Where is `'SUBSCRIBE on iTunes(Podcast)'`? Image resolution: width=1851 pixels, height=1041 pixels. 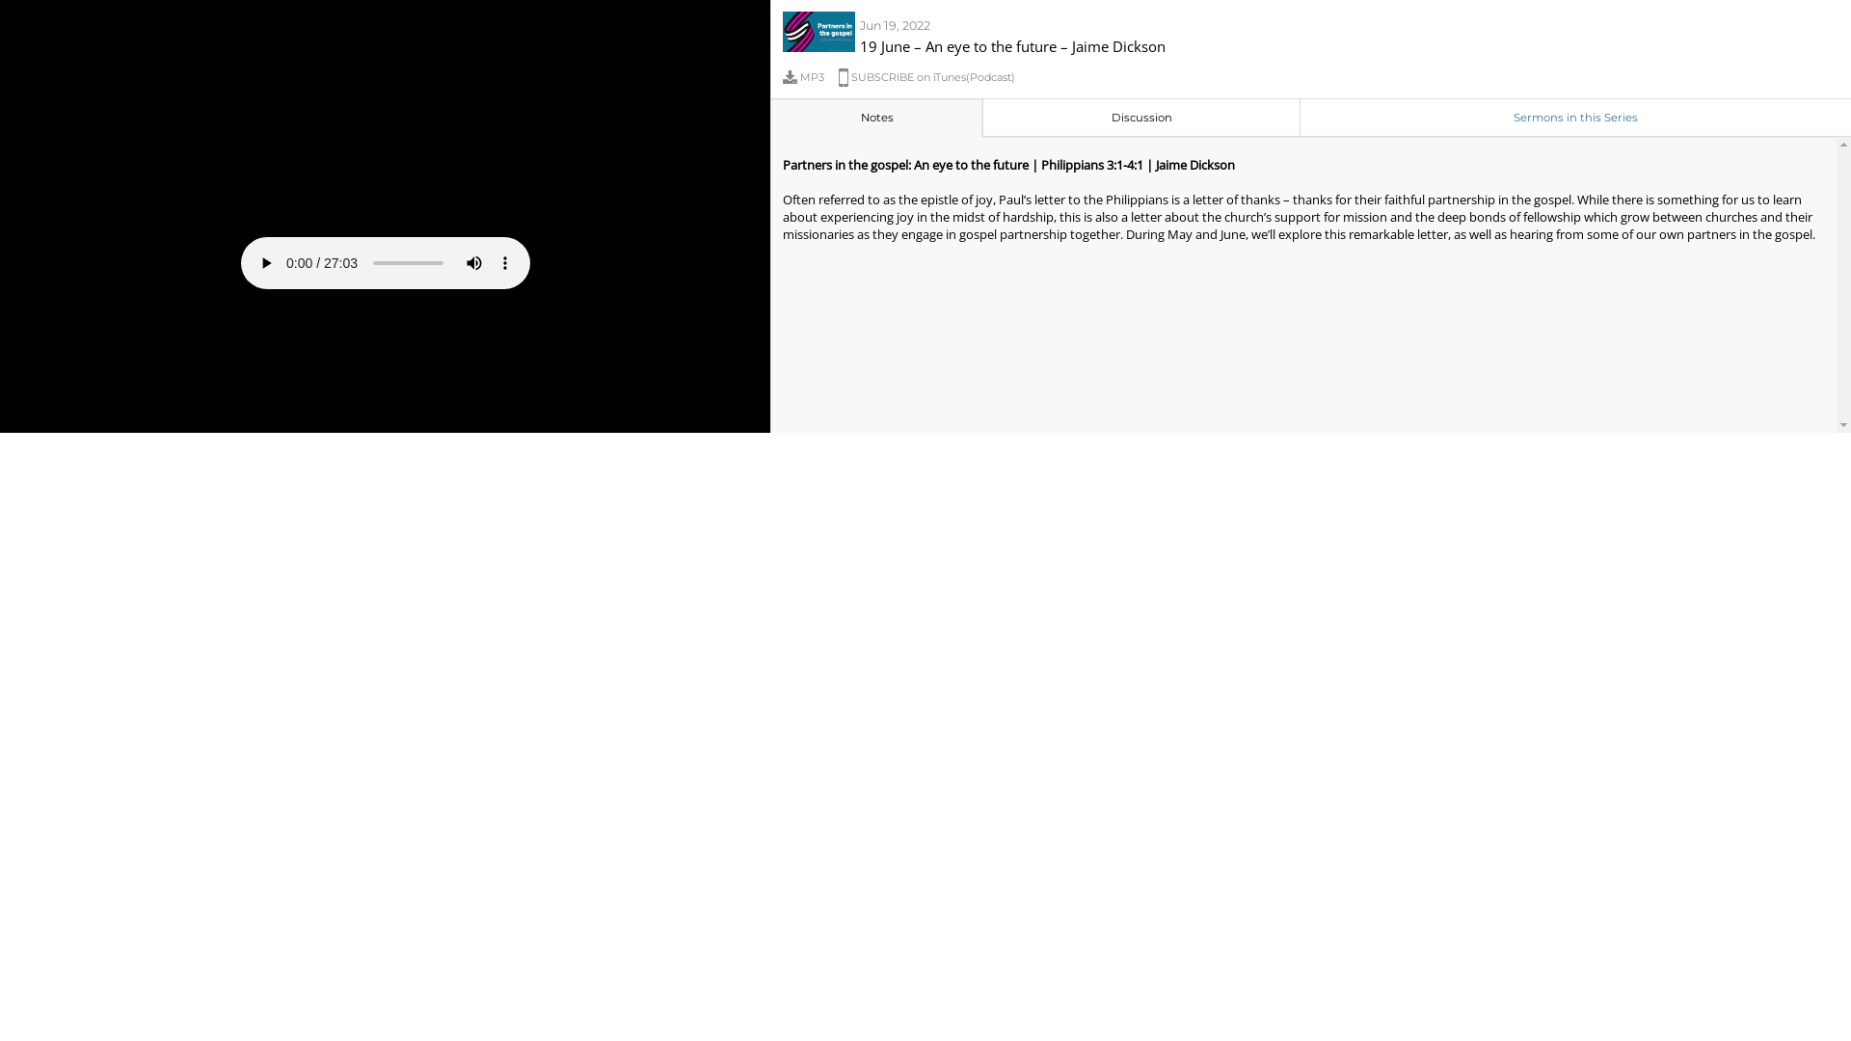 'SUBSCRIBE on iTunes(Podcast)' is located at coordinates (934, 76).